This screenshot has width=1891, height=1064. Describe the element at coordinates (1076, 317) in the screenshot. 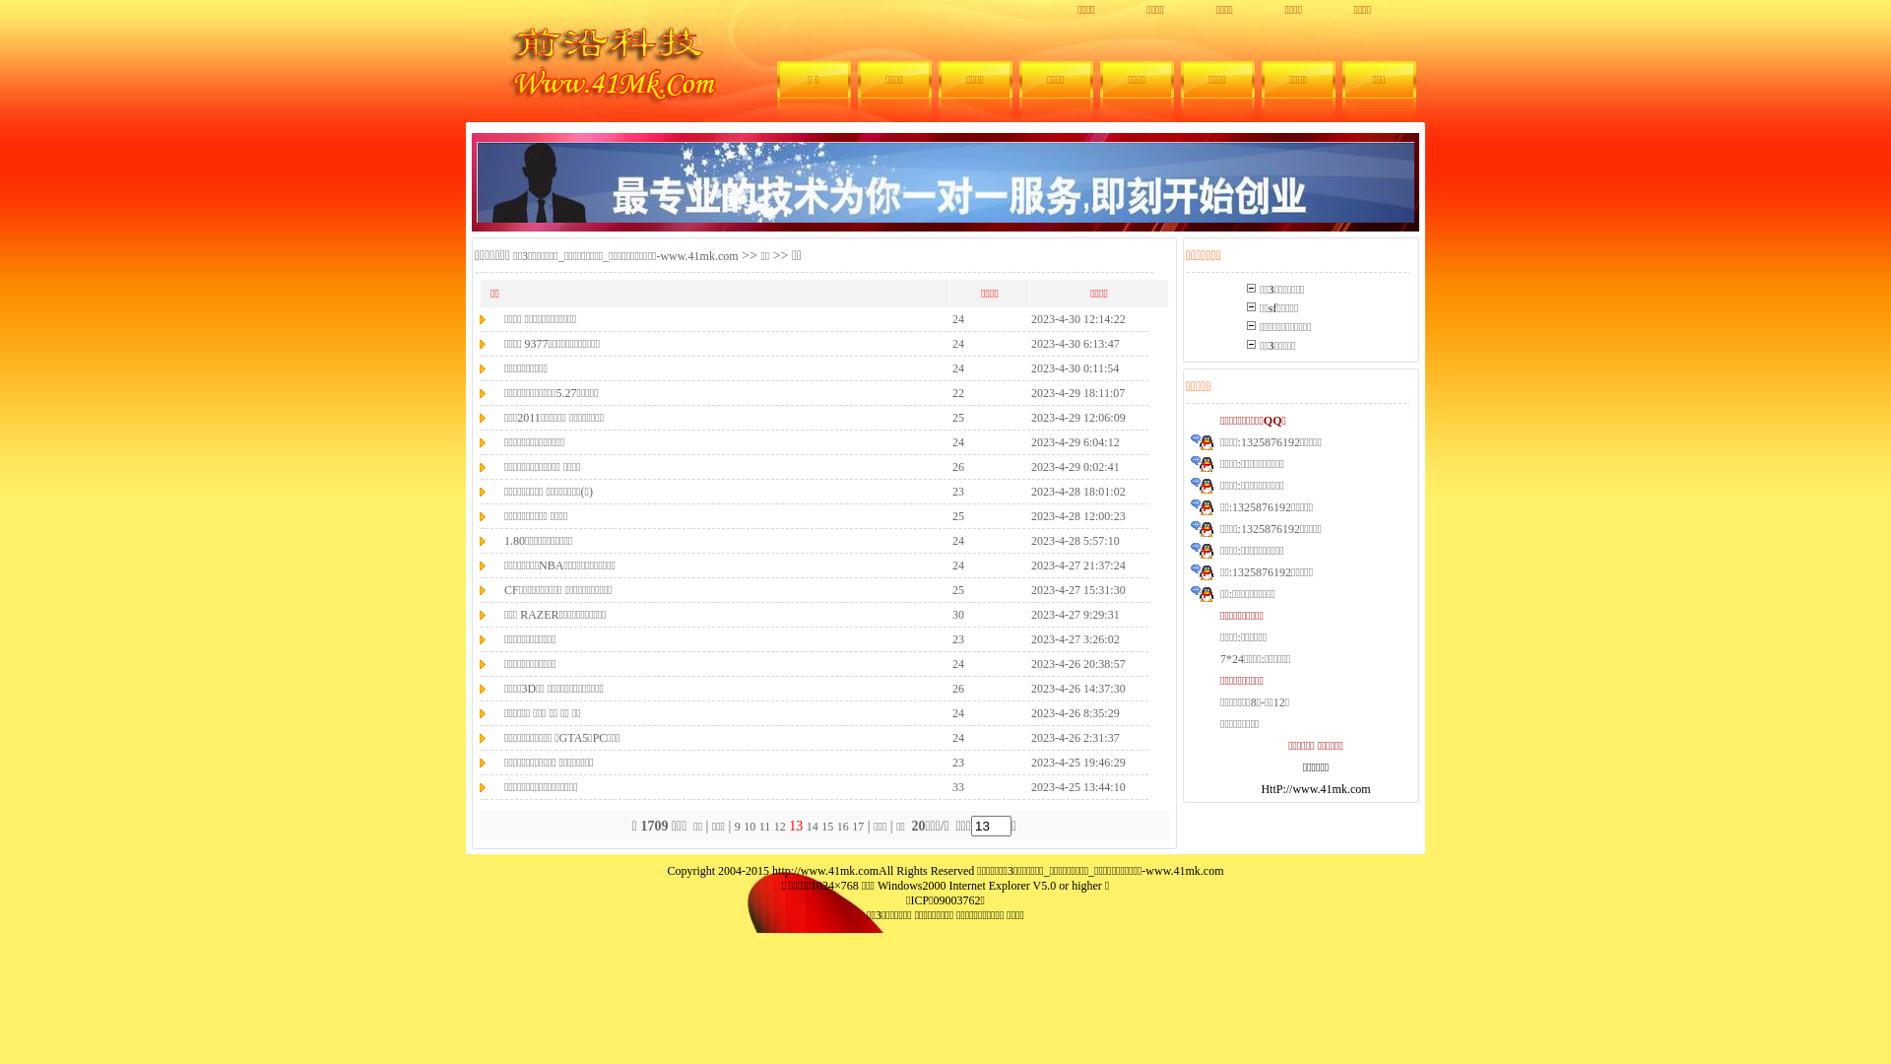

I see `'2023-4-30 12:14:22'` at that location.